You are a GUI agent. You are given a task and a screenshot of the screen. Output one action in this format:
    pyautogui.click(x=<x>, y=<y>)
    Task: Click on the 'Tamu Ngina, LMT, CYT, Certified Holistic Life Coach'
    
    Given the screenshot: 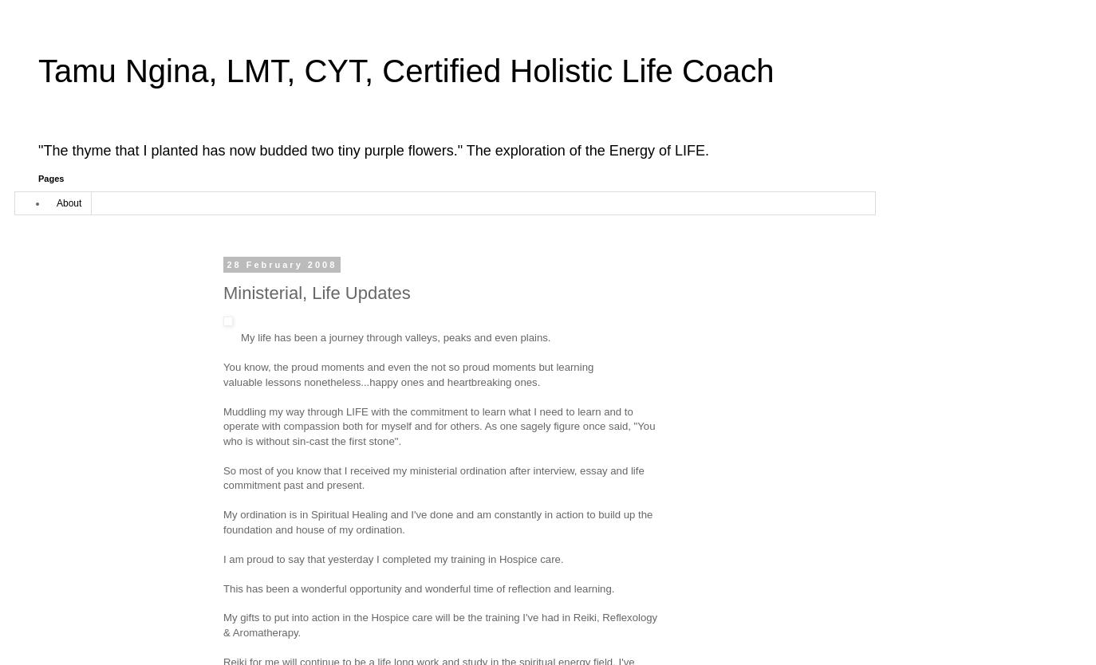 What is the action you would take?
    pyautogui.click(x=37, y=69)
    